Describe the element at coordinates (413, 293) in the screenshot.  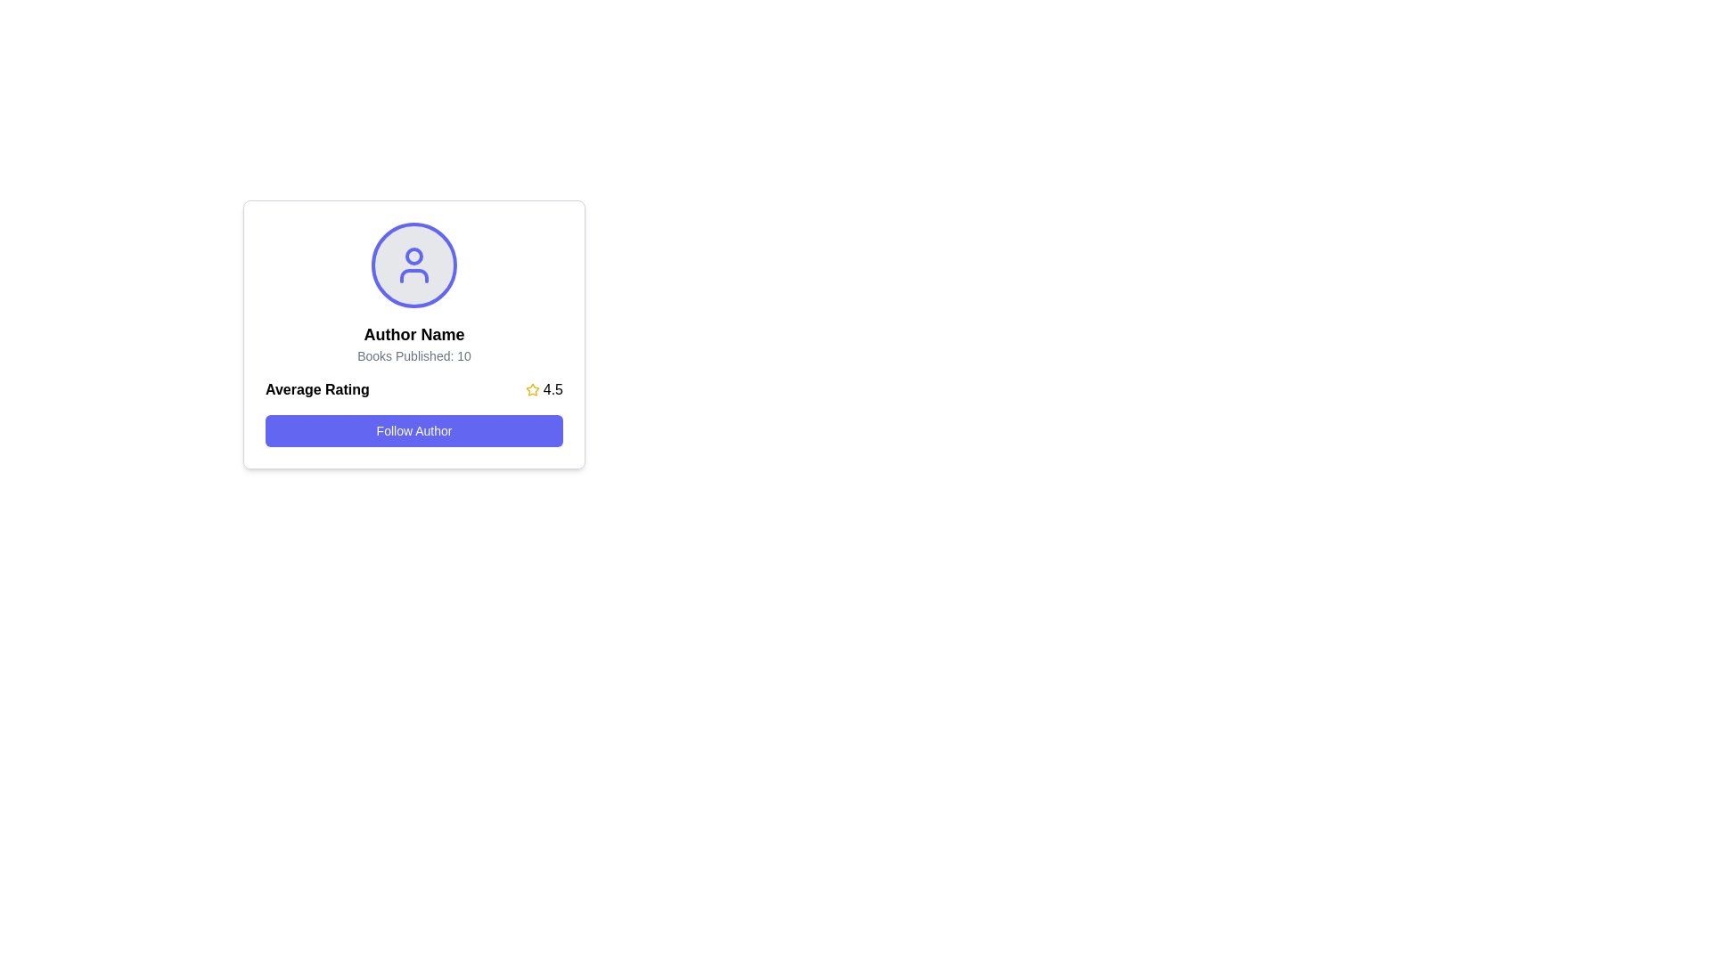
I see `the Profile Display Block that shows the author's name and book count, located above 'Average Rating' and 'Follow Author'` at that location.